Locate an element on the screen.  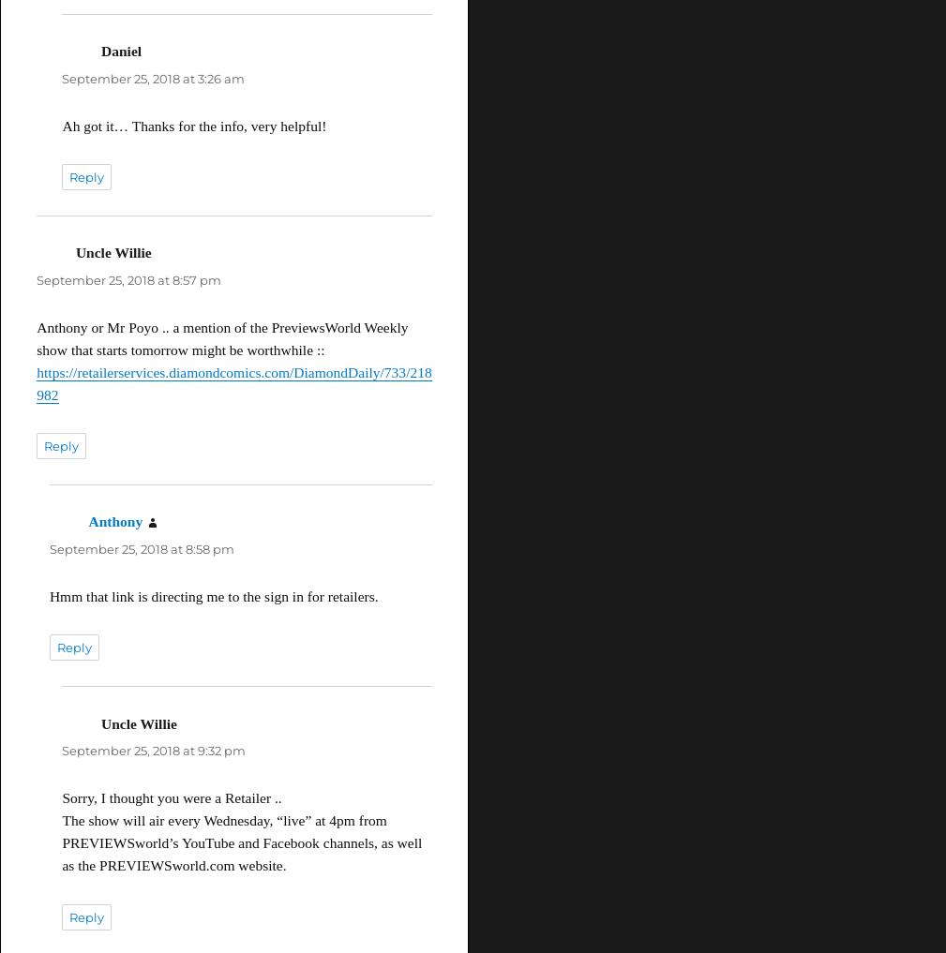
'September 25, 2018 at 3:26 am' is located at coordinates (152, 77).